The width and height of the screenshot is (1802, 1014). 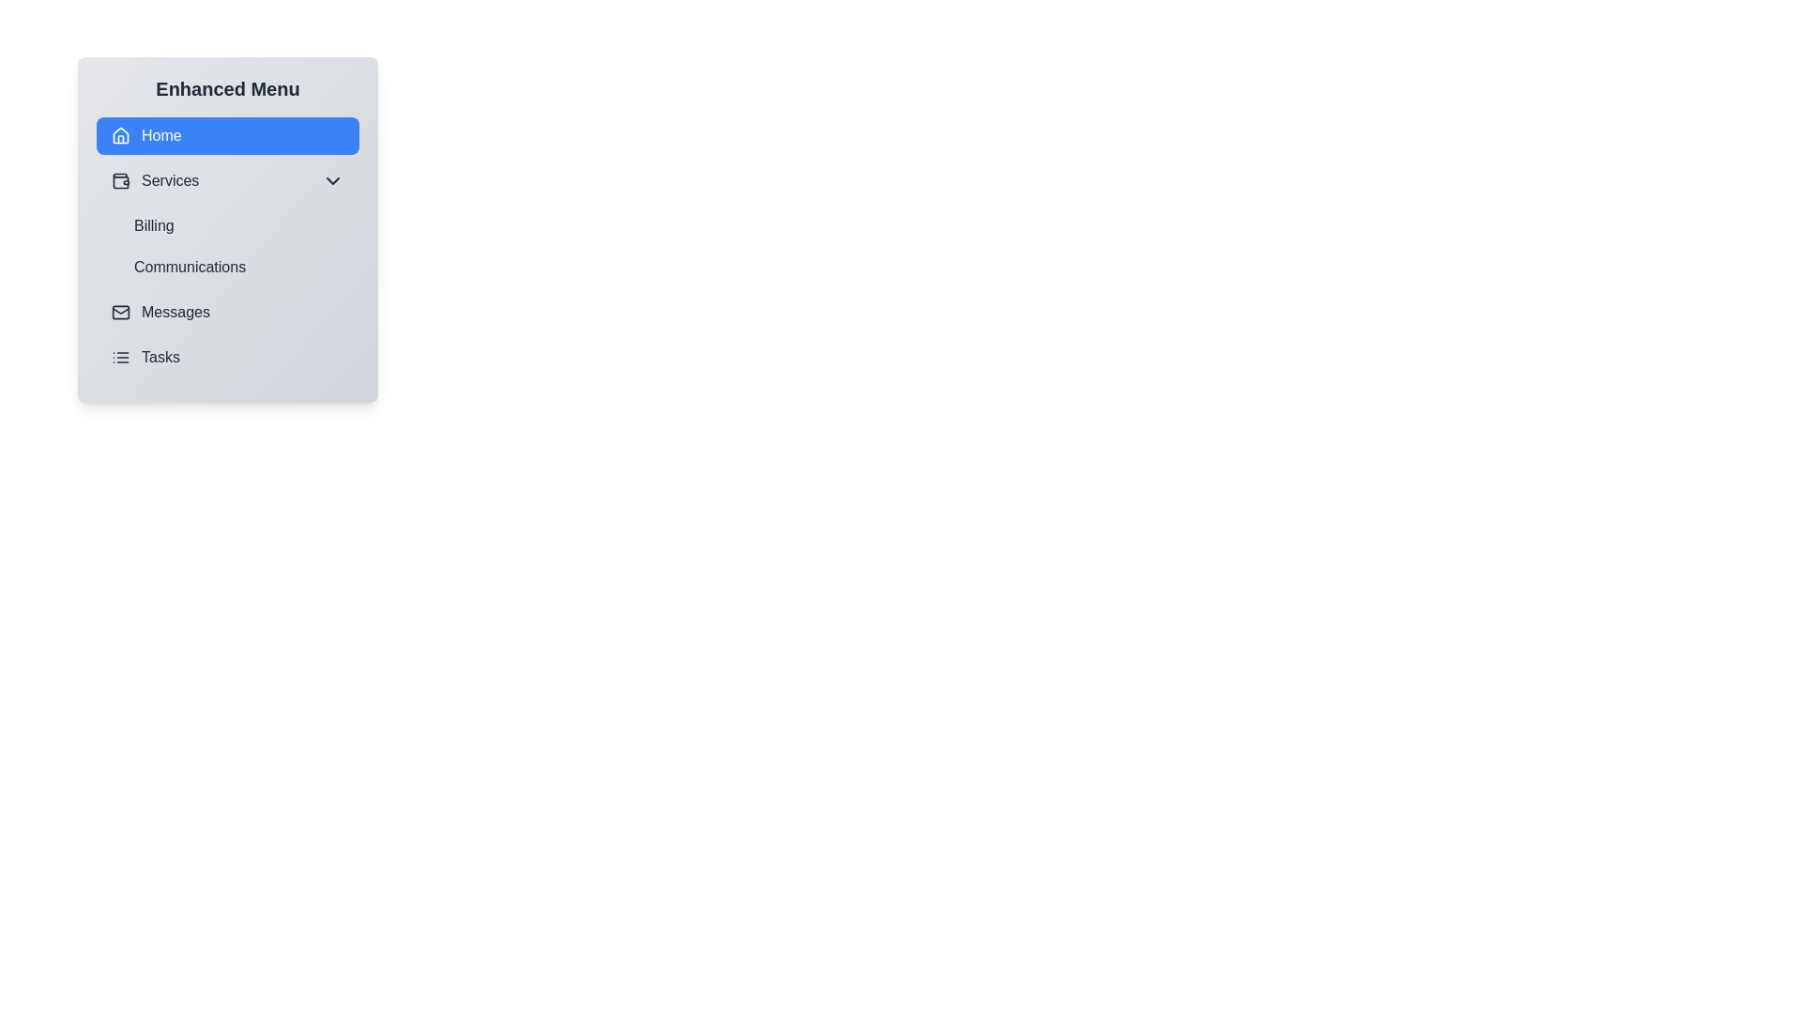 What do you see at coordinates (227, 223) in the screenshot?
I see `the 'Billing' navigation item in the sidebar menu under the 'Services' section` at bounding box center [227, 223].